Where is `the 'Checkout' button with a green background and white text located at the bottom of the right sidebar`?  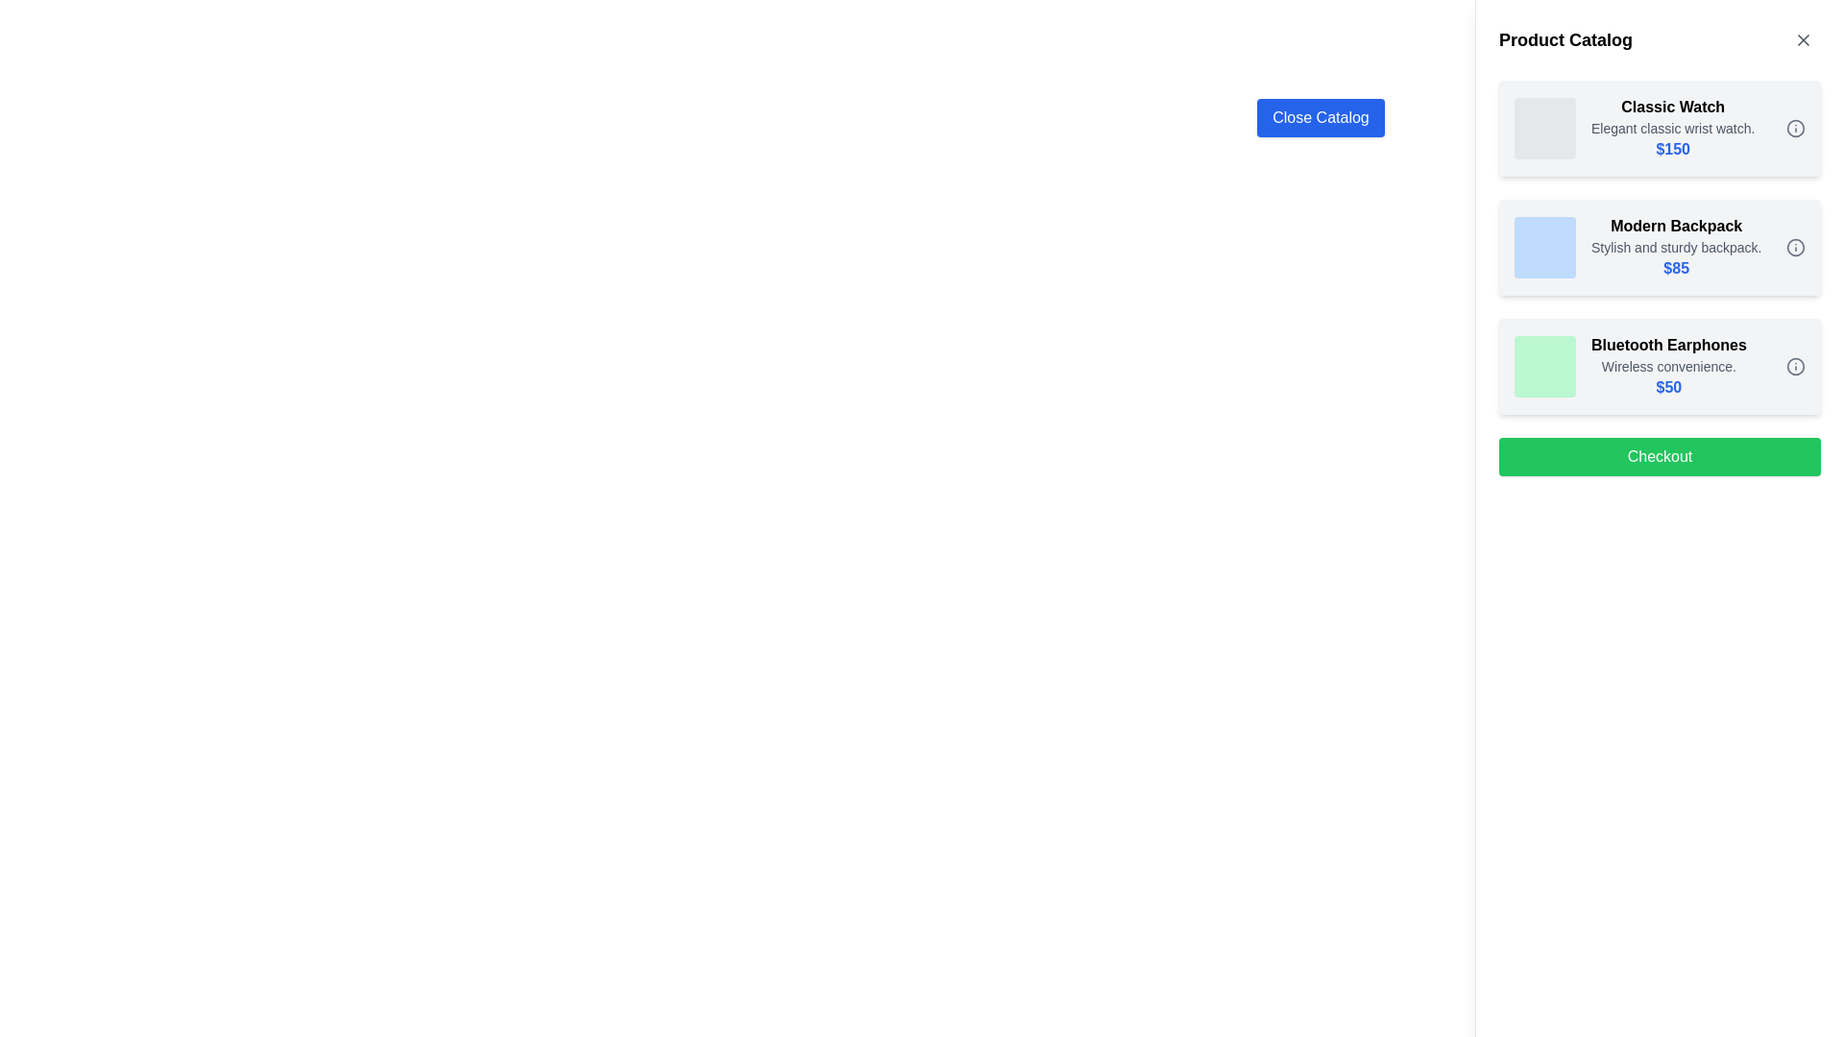
the 'Checkout' button with a green background and white text located at the bottom of the right sidebar is located at coordinates (1659, 456).